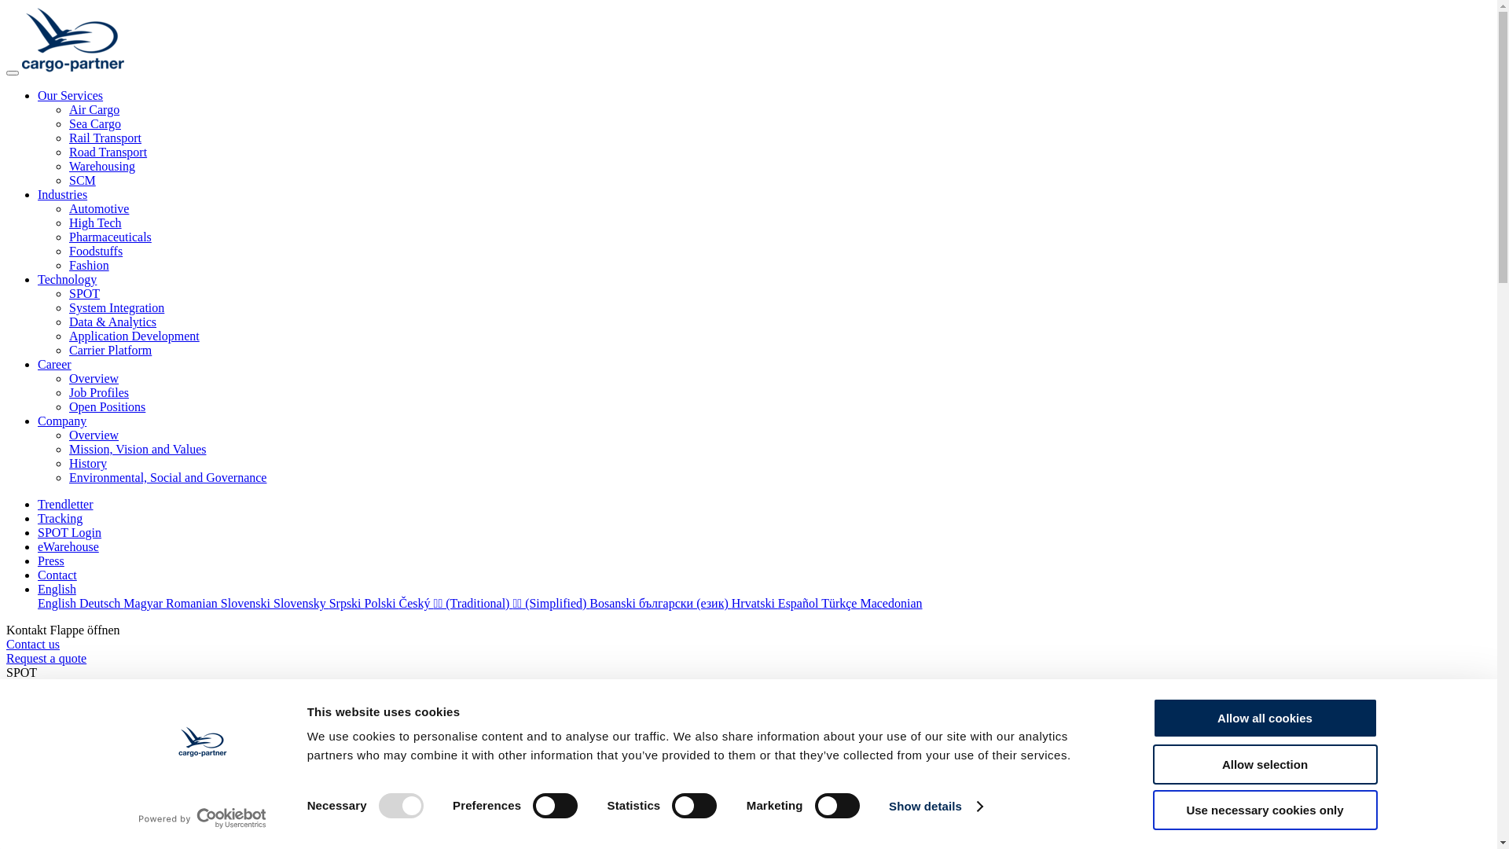  What do you see at coordinates (82, 179) in the screenshot?
I see `'SCM'` at bounding box center [82, 179].